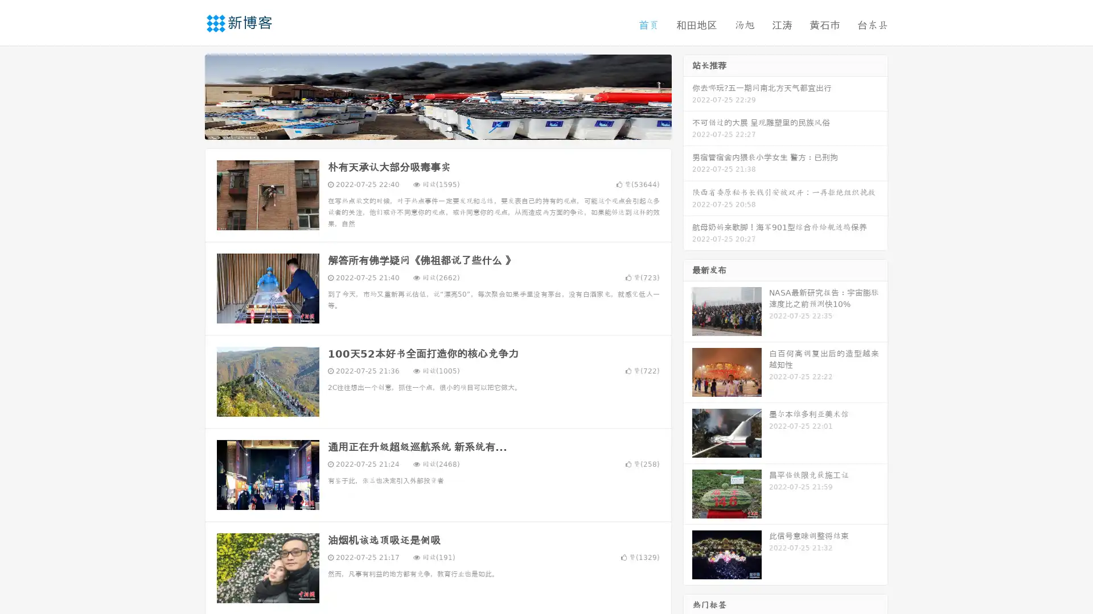  What do you see at coordinates (449, 128) in the screenshot?
I see `Go to slide 3` at bounding box center [449, 128].